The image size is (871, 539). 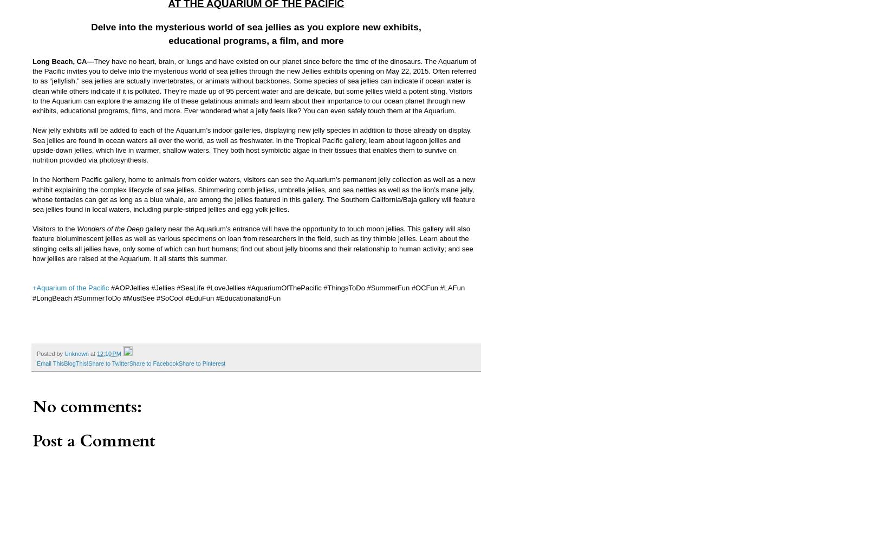 What do you see at coordinates (70, 287) in the screenshot?
I see `'+Aquarium of the Pacific'` at bounding box center [70, 287].